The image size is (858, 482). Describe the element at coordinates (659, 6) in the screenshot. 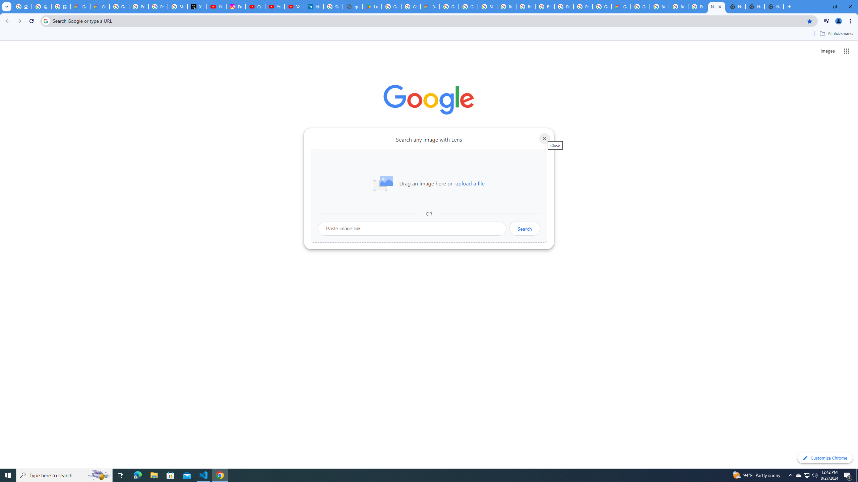

I see `'Browse Chrome as a guest - Computer - Google Chrome Help'` at that location.